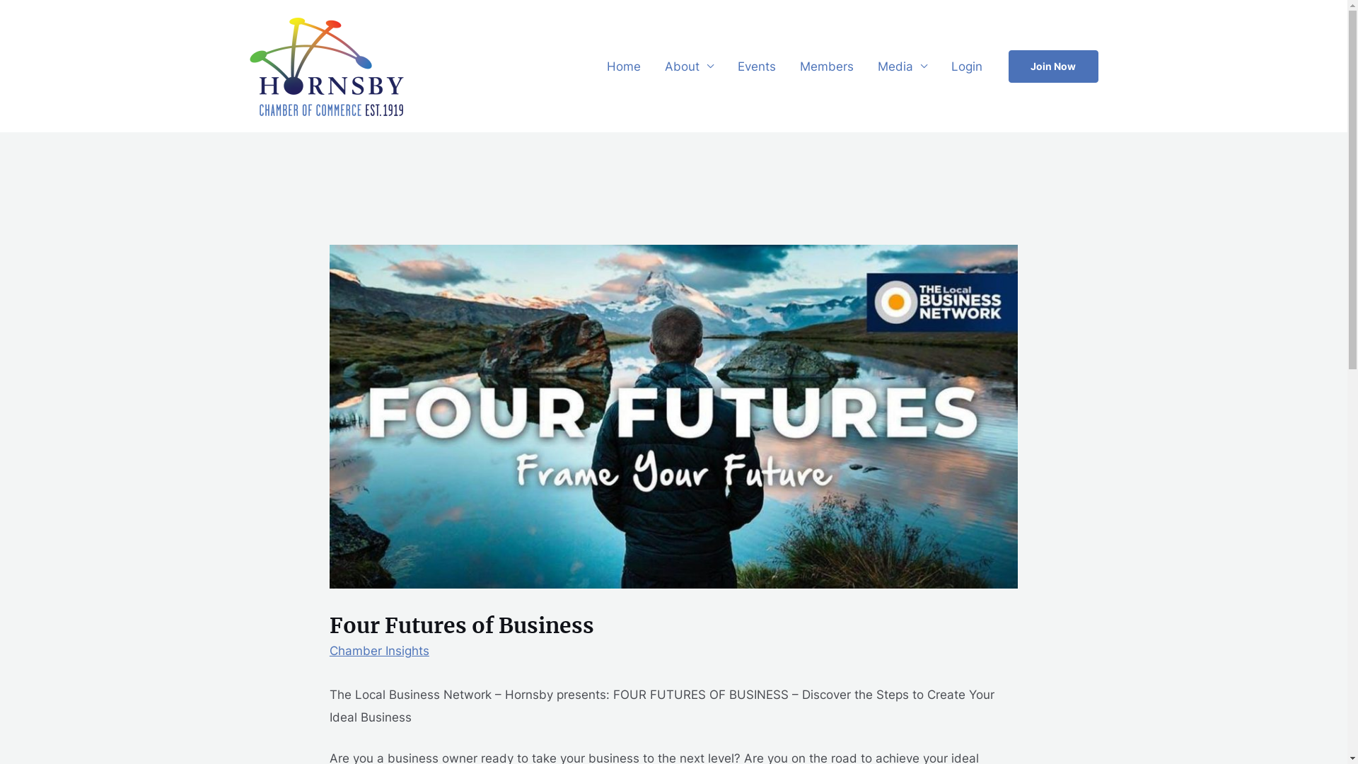 This screenshot has height=764, width=1358. I want to click on 'Join Now', so click(1007, 65).